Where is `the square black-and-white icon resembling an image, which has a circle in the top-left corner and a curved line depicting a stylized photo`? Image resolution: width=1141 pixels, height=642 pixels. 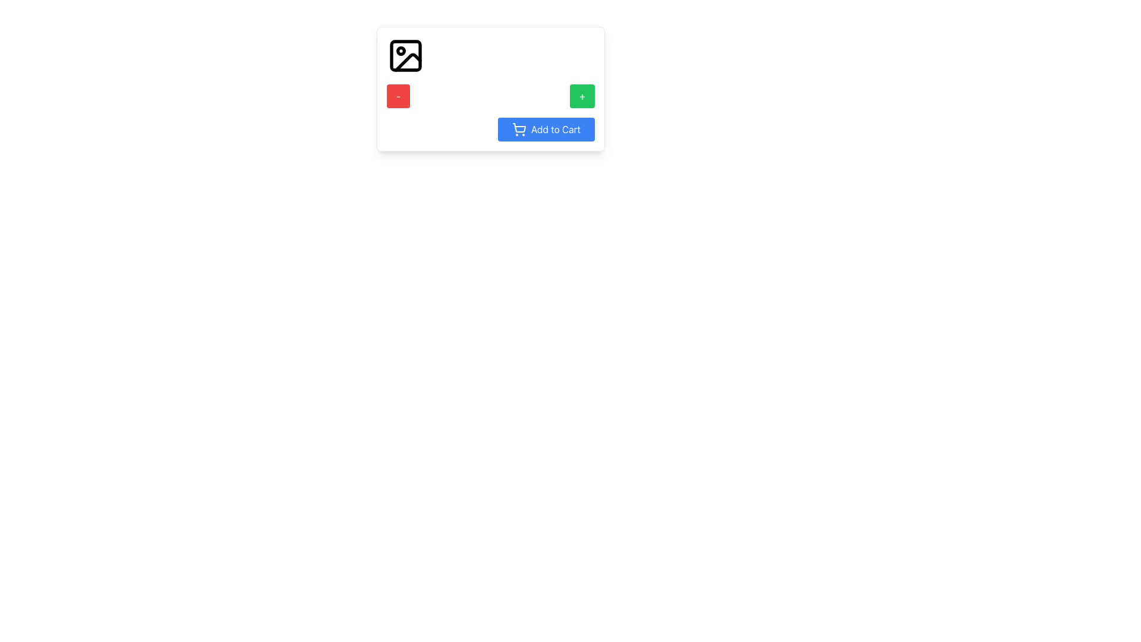
the square black-and-white icon resembling an image, which has a circle in the top-left corner and a curved line depicting a stylized photo is located at coordinates (405, 55).